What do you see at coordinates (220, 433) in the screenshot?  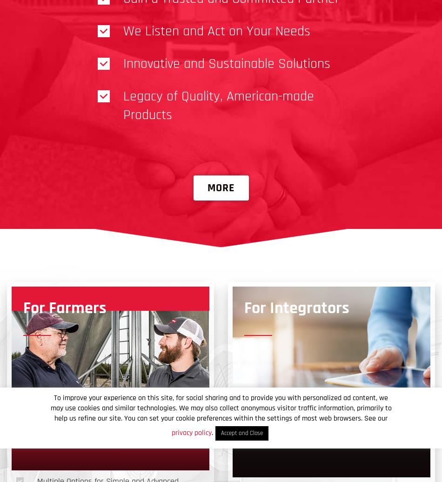 I see `'Accept and Close'` at bounding box center [220, 433].